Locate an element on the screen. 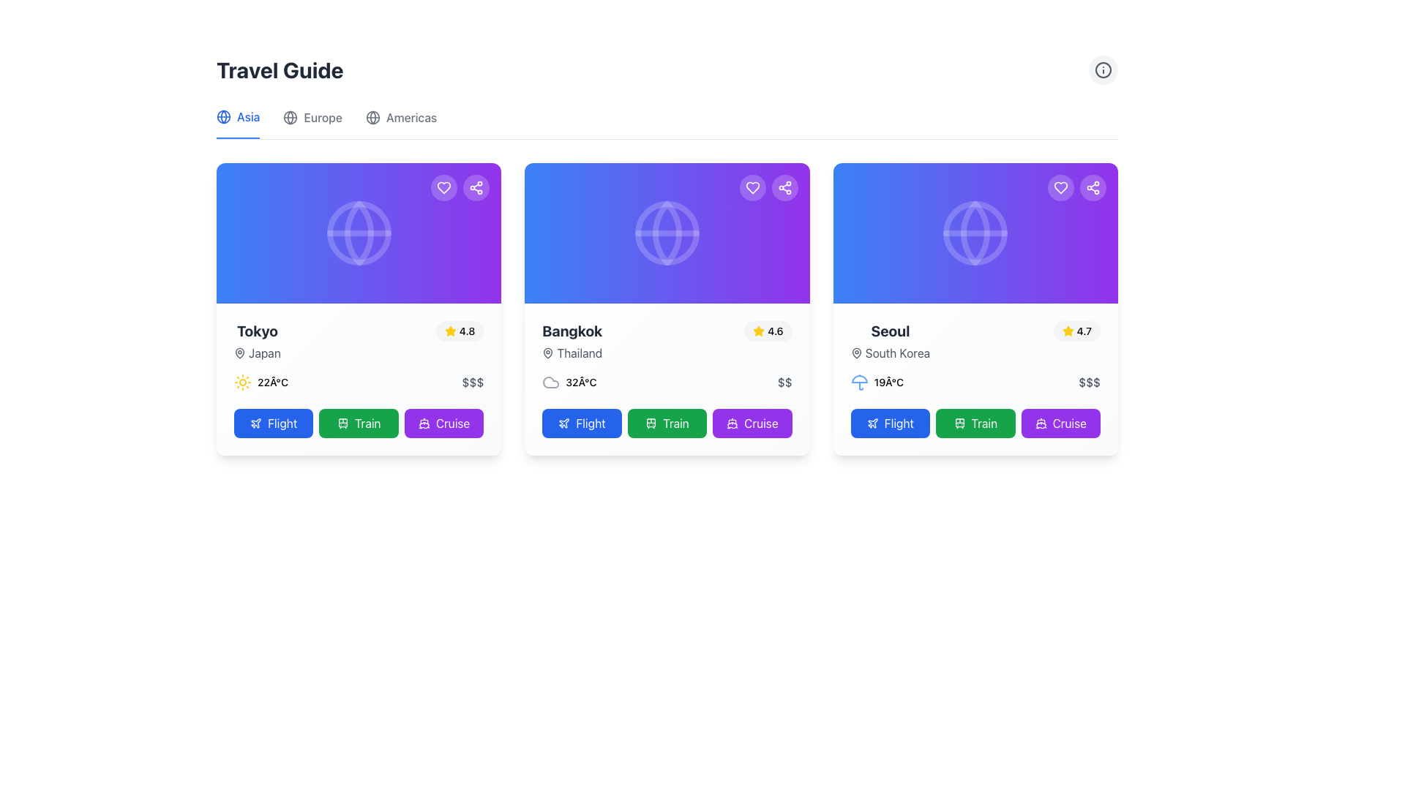 The image size is (1405, 790). the card section containing information about 'Bangkok', which includes a rating of 4.6, temperature of 32°C, and price level symbols ($$). This card is located centrally in a three-card layout is located at coordinates (667, 379).